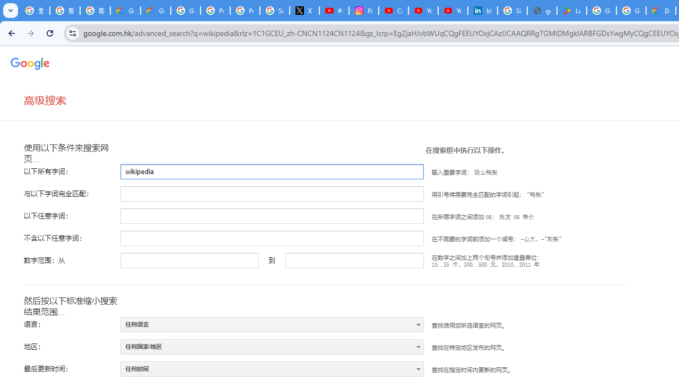 The width and height of the screenshot is (679, 381). Describe the element at coordinates (571, 11) in the screenshot. I see `'Last Shelter: Survival - Apps on Google Play'` at that location.